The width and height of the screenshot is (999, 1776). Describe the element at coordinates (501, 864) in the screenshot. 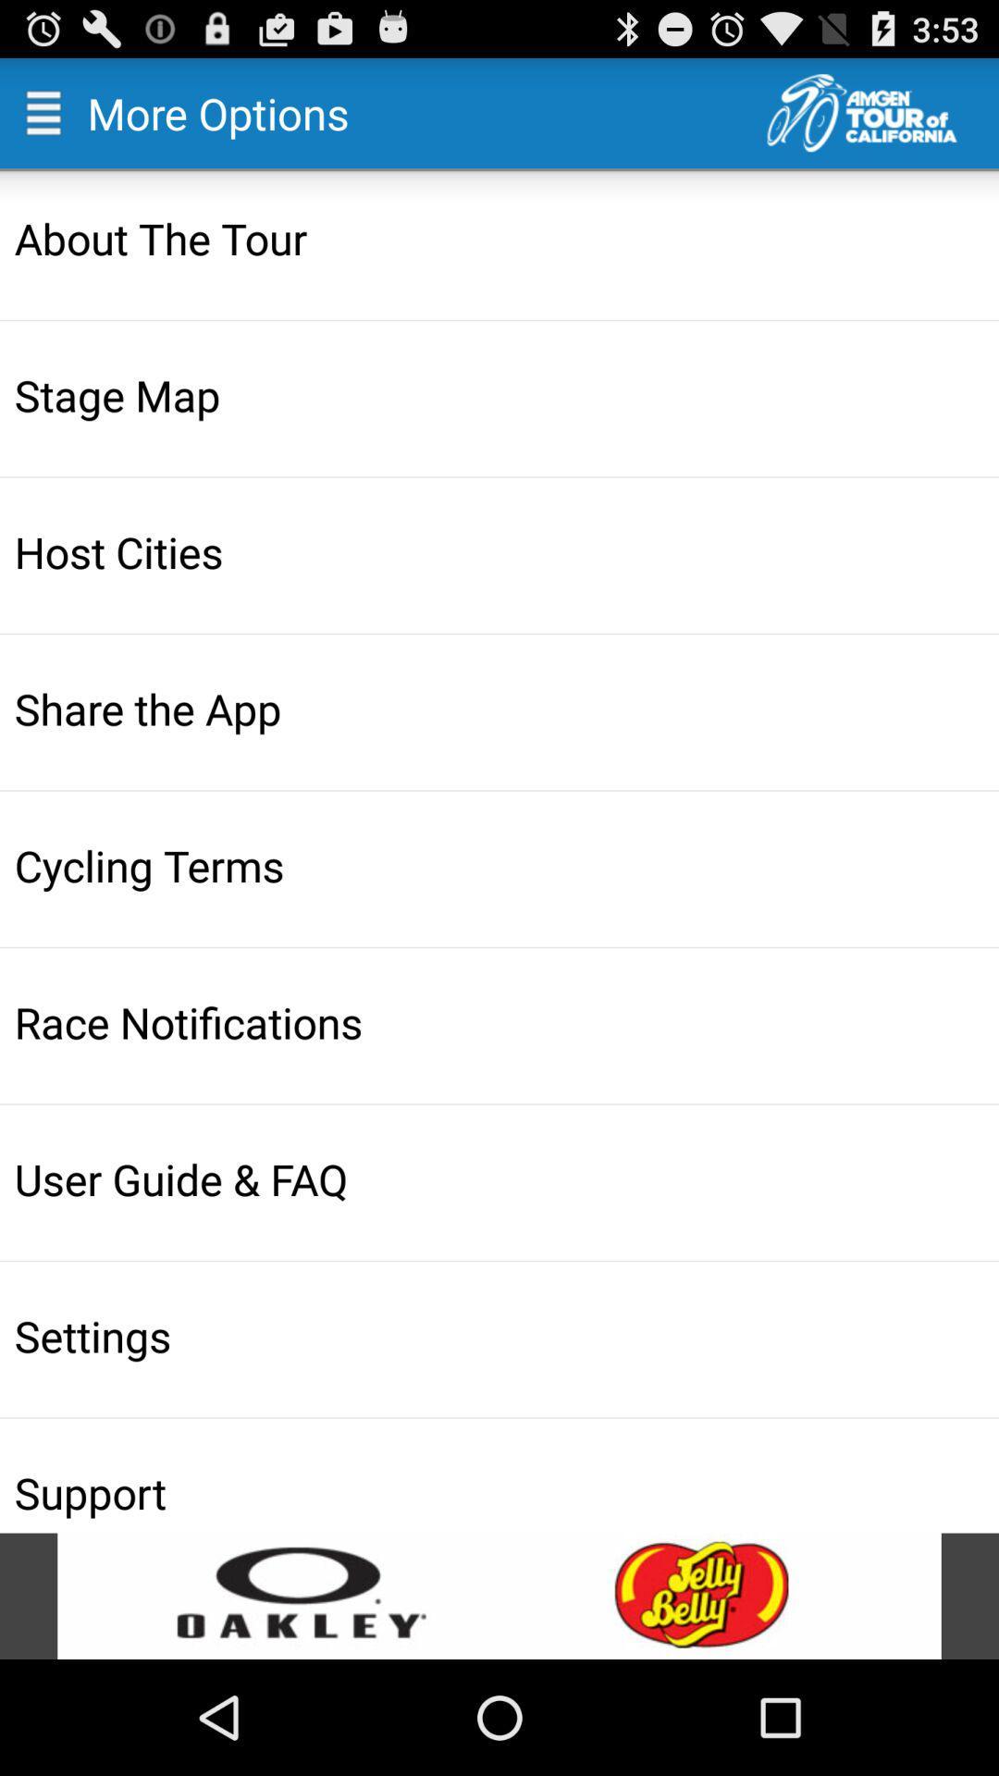

I see `cycling terms item` at that location.